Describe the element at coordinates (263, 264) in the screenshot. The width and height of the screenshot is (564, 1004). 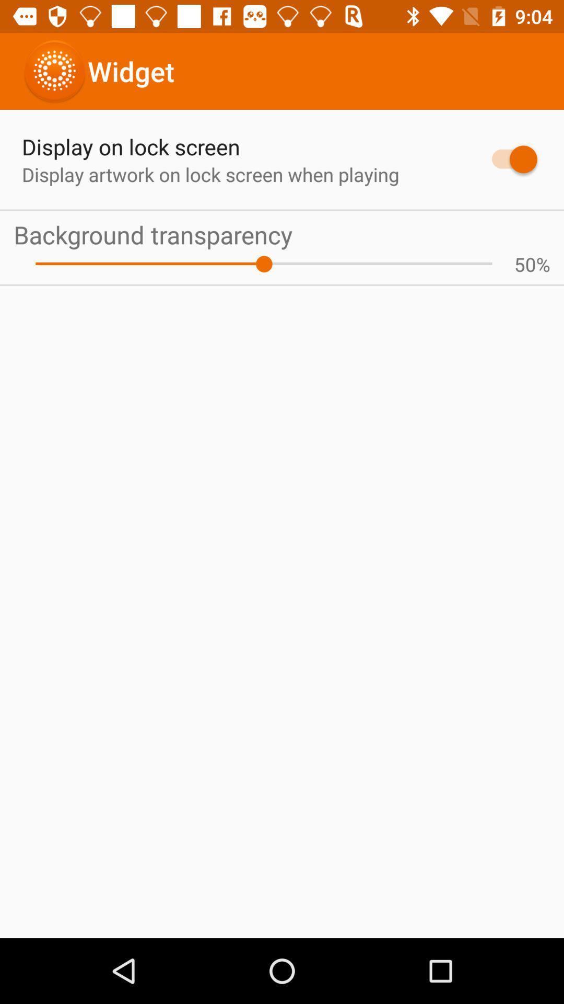
I see `item next to 50 app` at that location.